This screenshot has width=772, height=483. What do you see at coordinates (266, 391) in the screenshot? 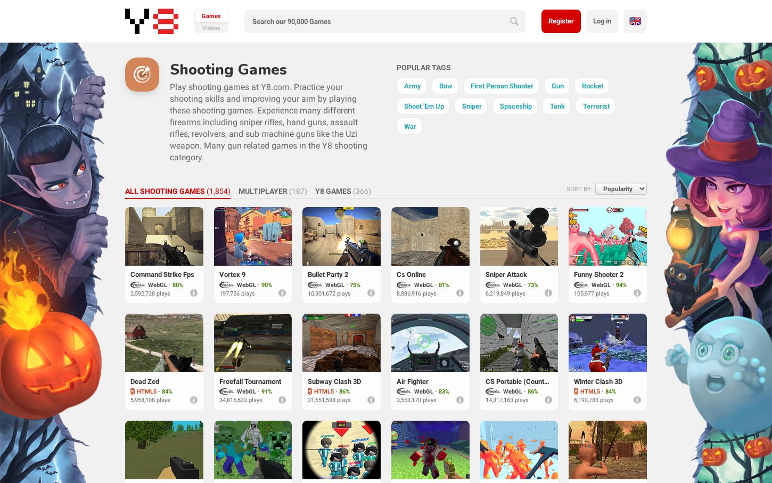
I see `'91%'` at bounding box center [266, 391].